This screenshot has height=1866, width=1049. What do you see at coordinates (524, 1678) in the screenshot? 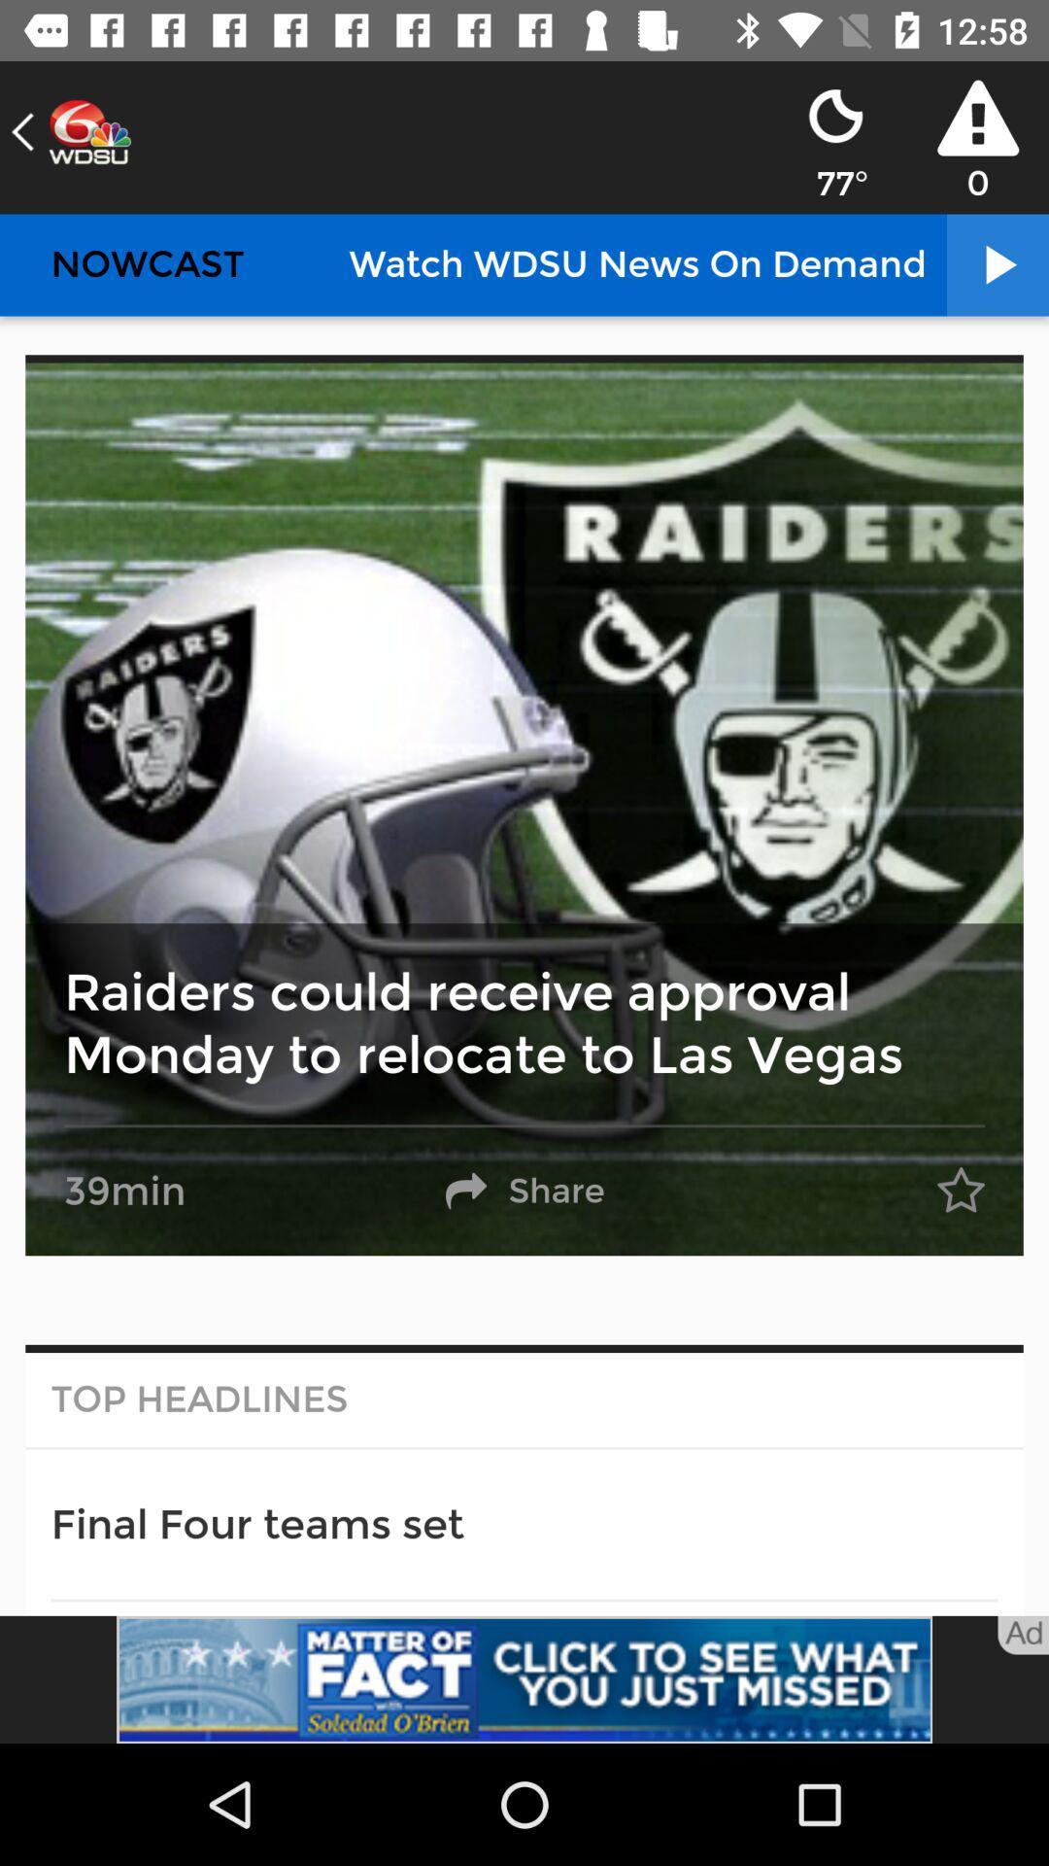
I see `advertisement` at bounding box center [524, 1678].